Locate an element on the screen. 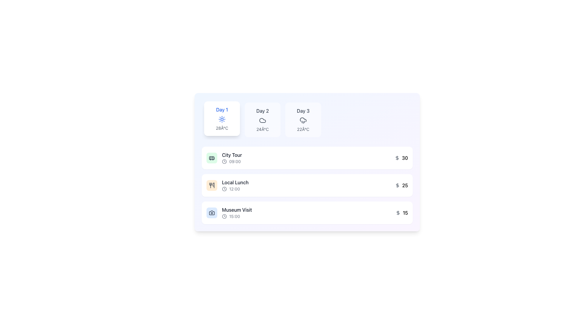 The image size is (573, 322). title and time of the third item in the vertical list of activities, which is located below 'Local Lunch' and displays an activity name and its scheduled time is located at coordinates (229, 212).